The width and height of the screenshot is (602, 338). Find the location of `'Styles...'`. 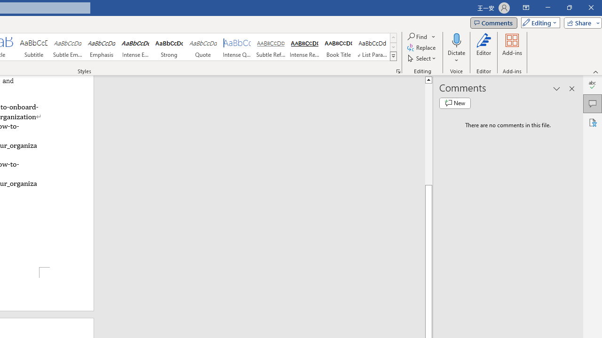

'Styles...' is located at coordinates (398, 70).